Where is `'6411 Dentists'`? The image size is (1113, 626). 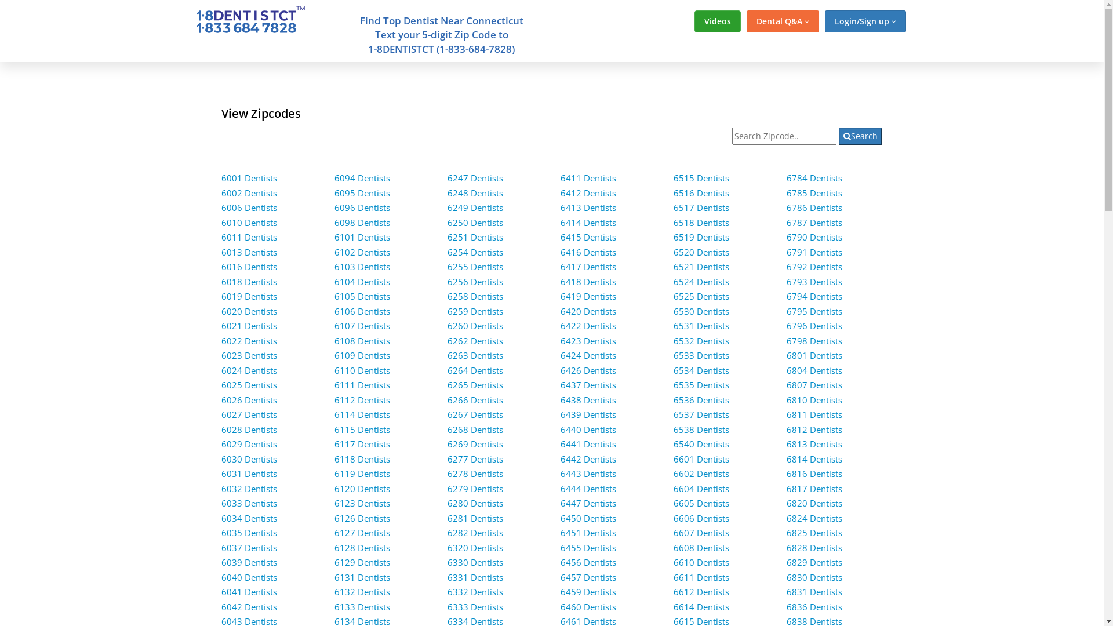
'6411 Dentists' is located at coordinates (588, 178).